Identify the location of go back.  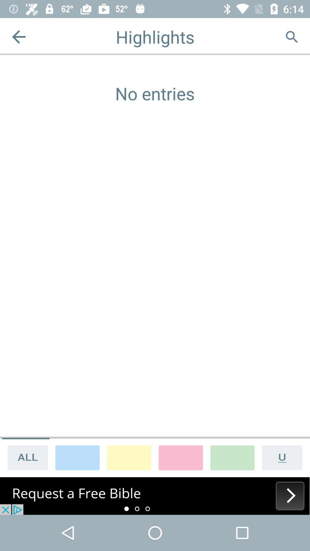
(18, 36).